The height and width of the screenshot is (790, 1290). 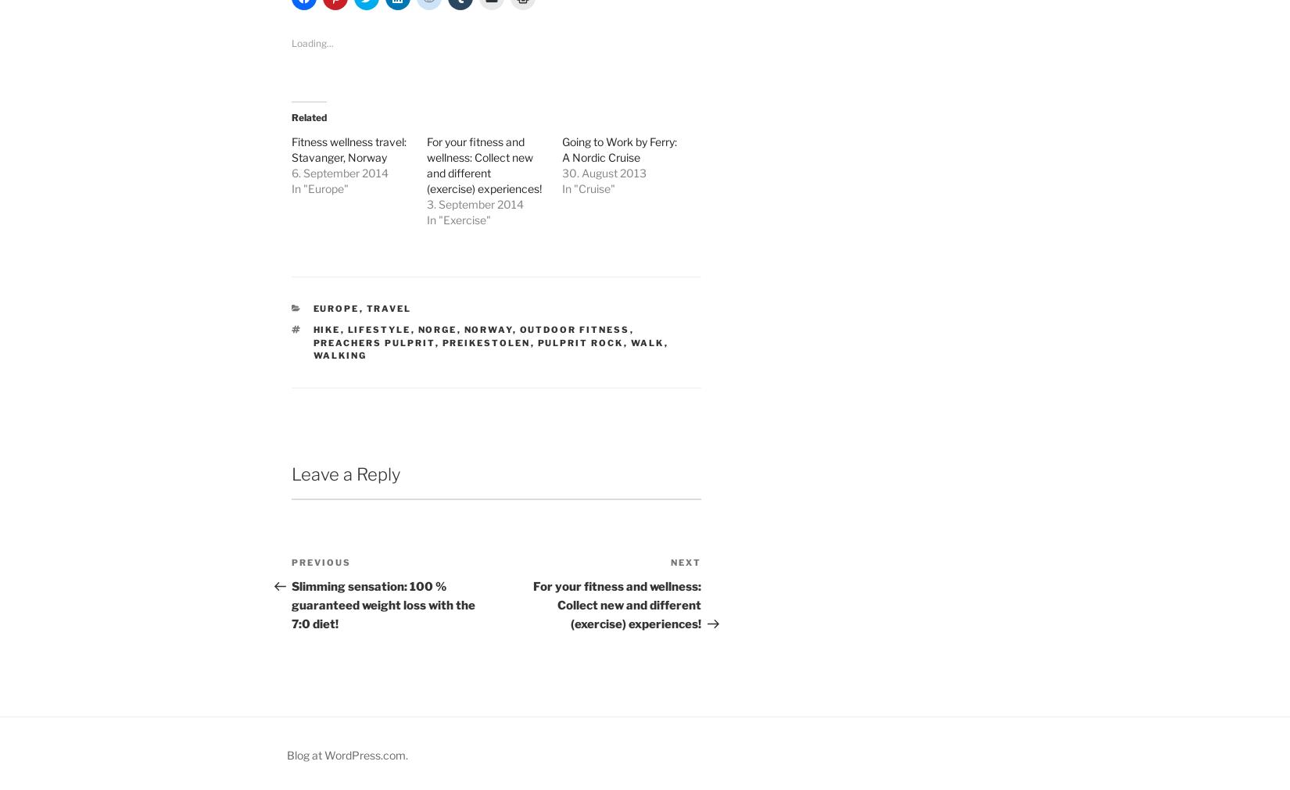 I want to click on 'Norway', so click(x=487, y=328).